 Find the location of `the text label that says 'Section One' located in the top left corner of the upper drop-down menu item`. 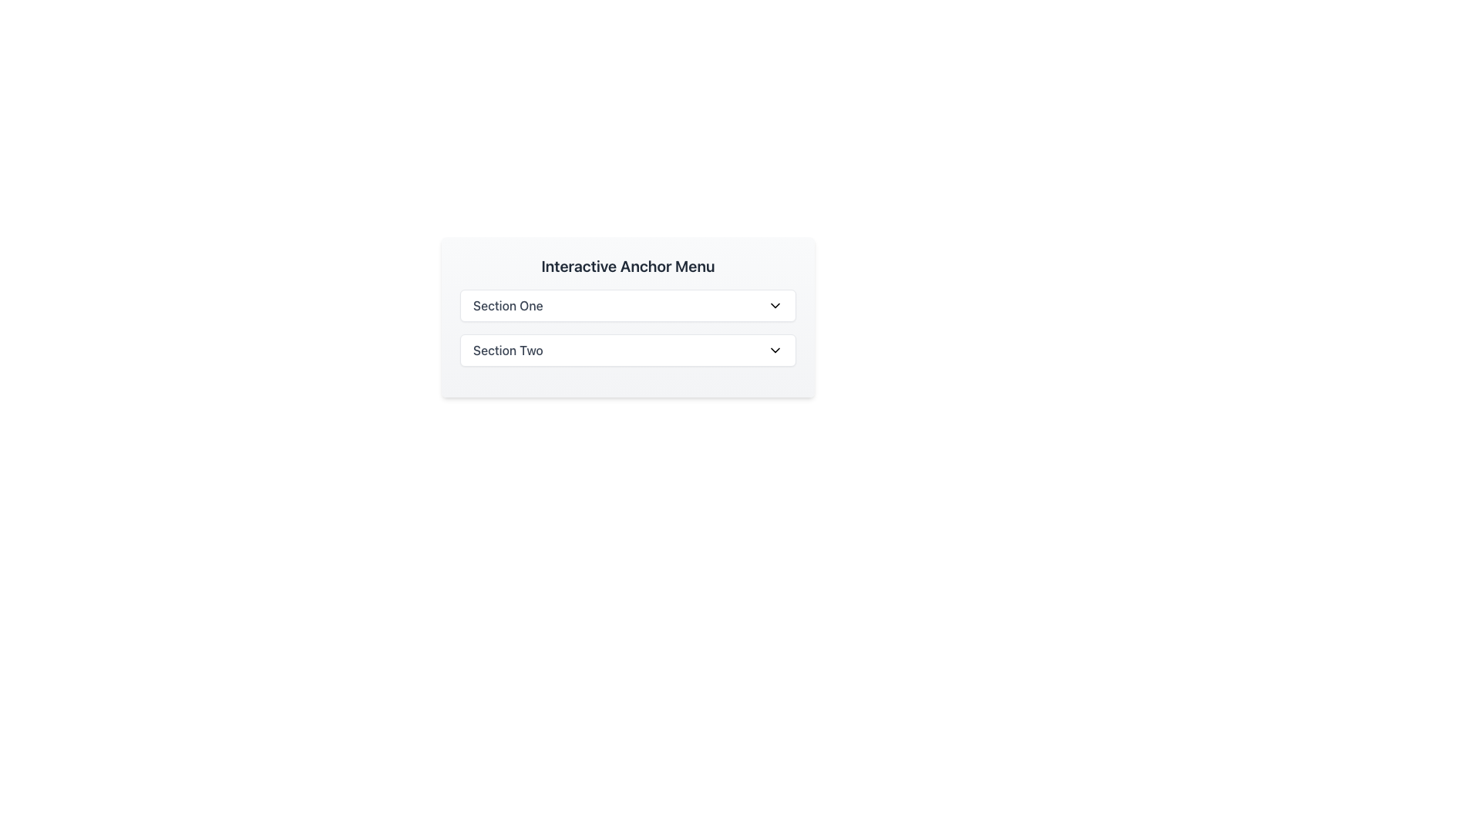

the text label that says 'Section One' located in the top left corner of the upper drop-down menu item is located at coordinates (508, 306).